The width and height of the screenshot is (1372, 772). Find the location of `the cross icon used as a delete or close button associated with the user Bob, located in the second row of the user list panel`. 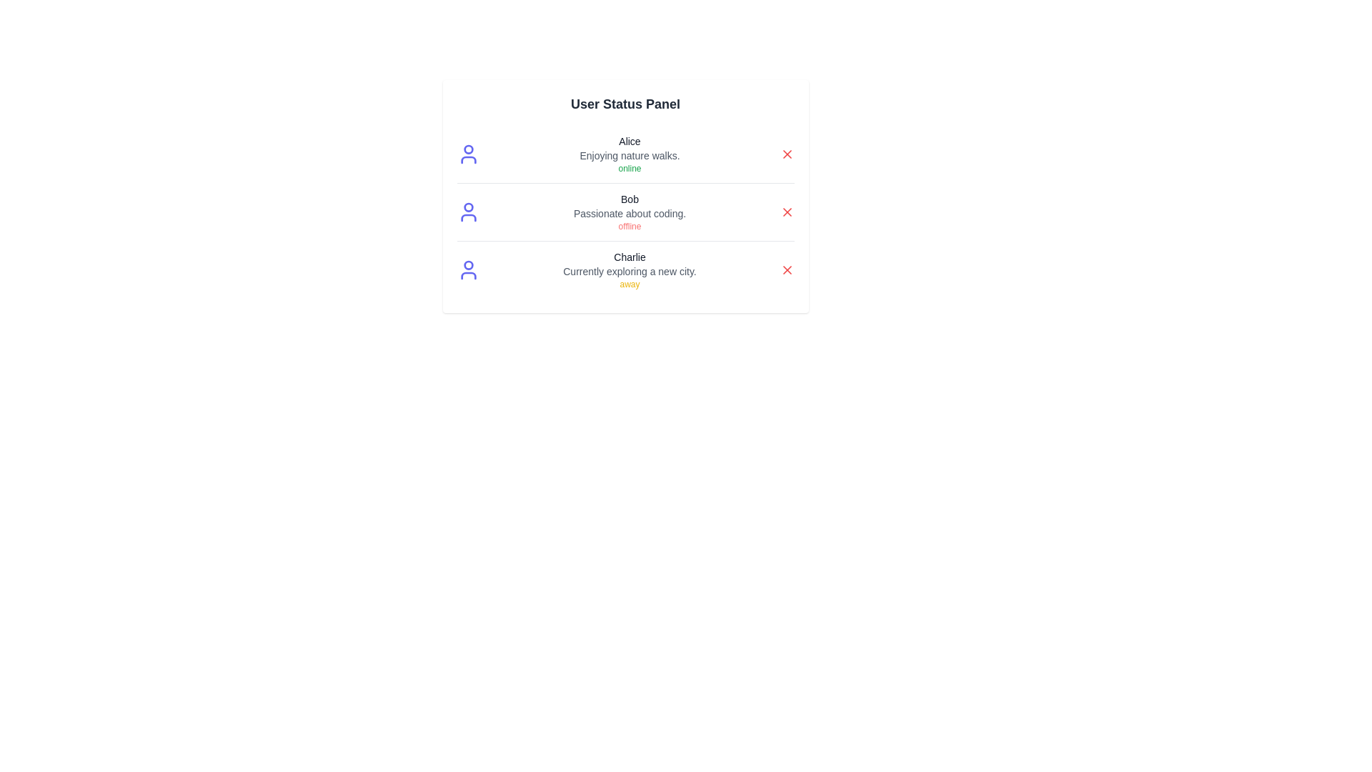

the cross icon used as a delete or close button associated with the user Bob, located in the second row of the user list panel is located at coordinates (786, 212).